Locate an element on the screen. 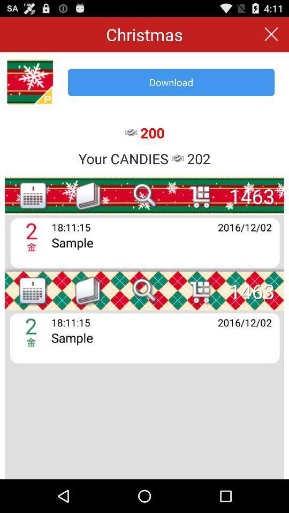 This screenshot has width=289, height=513. the item next to christmas icon is located at coordinates (271, 34).